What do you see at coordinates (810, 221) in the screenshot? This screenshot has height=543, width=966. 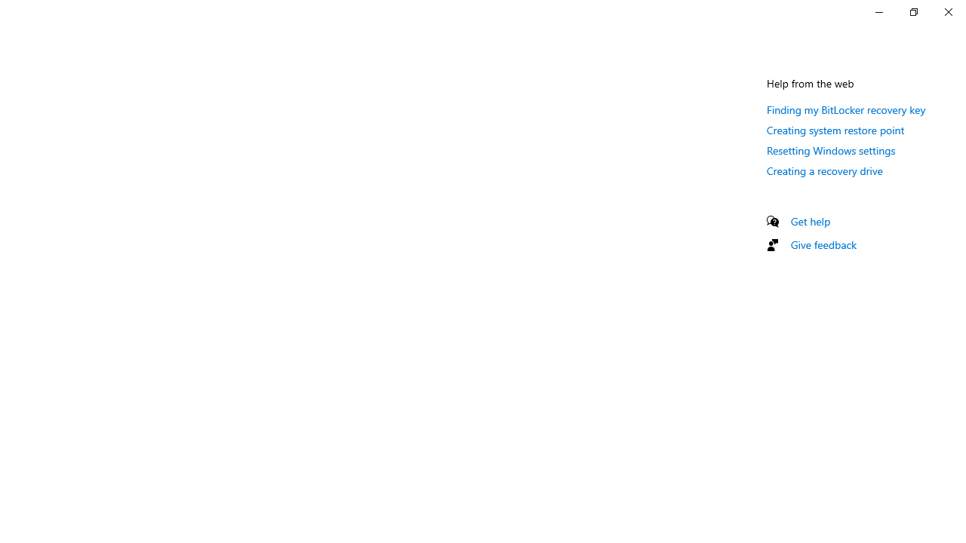 I see `'Get help'` at bounding box center [810, 221].